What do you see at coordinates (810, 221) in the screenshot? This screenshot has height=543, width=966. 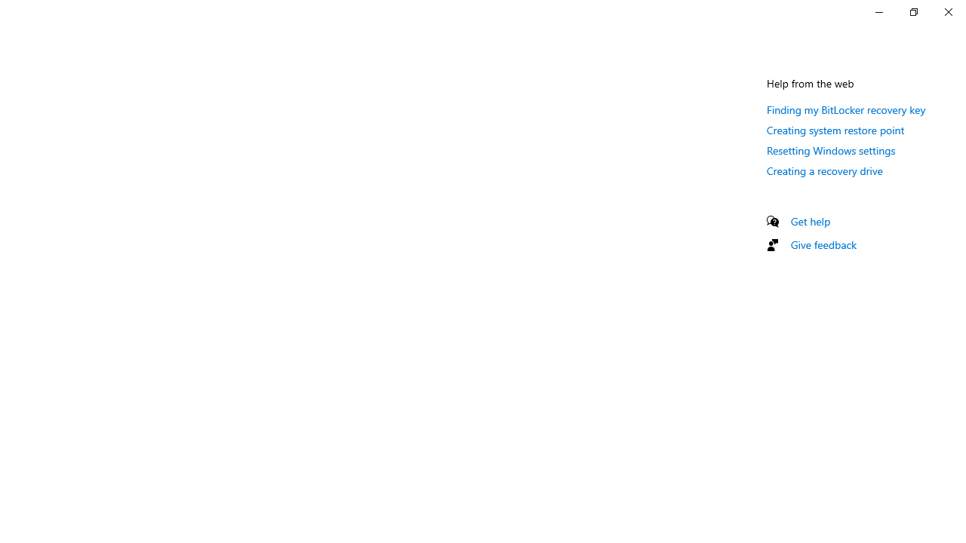 I see `'Get help'` at bounding box center [810, 221].